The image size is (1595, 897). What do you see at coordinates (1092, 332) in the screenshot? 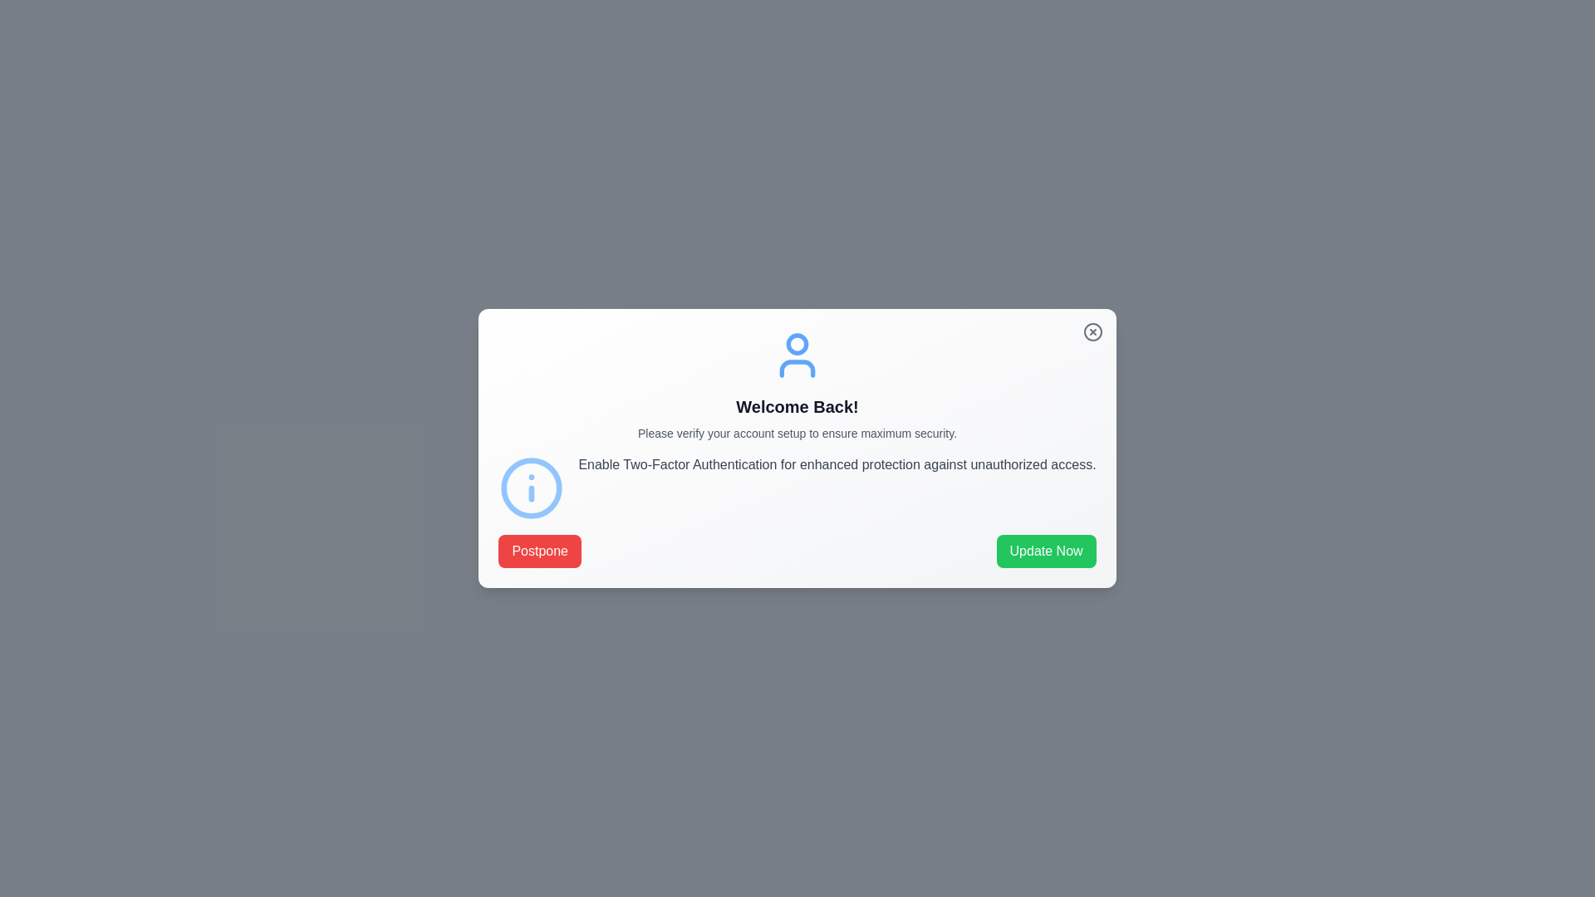
I see `the close button to dismiss the dialog` at bounding box center [1092, 332].